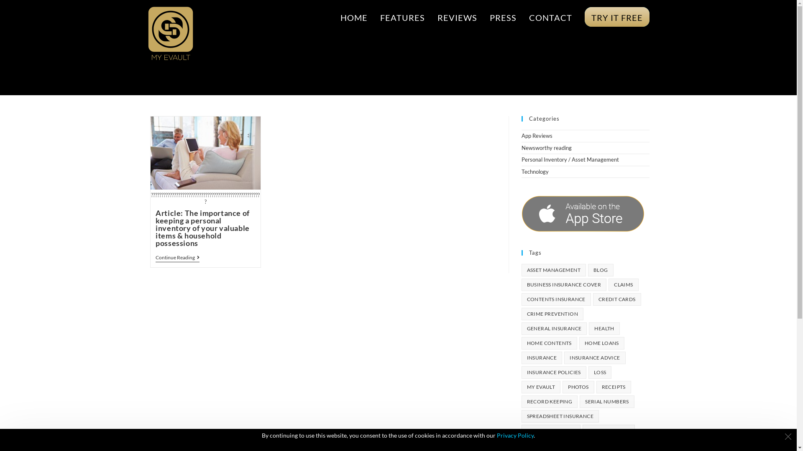  What do you see at coordinates (515, 435) in the screenshot?
I see `'Privacy Policy'` at bounding box center [515, 435].